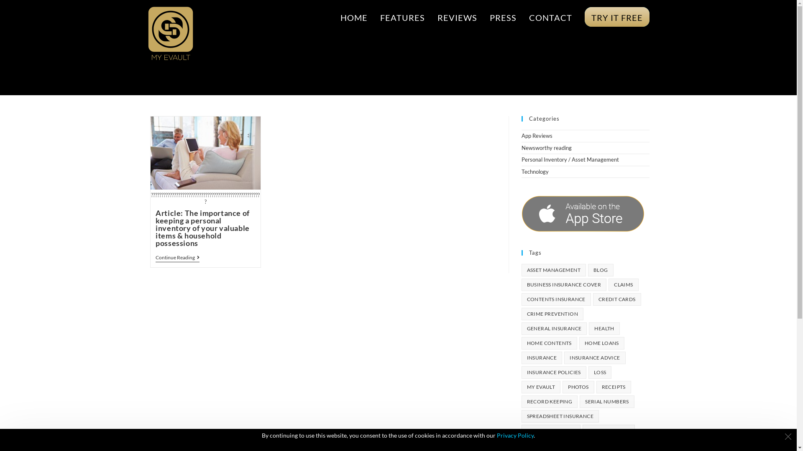  What do you see at coordinates (515, 435) in the screenshot?
I see `'Privacy Policy'` at bounding box center [515, 435].